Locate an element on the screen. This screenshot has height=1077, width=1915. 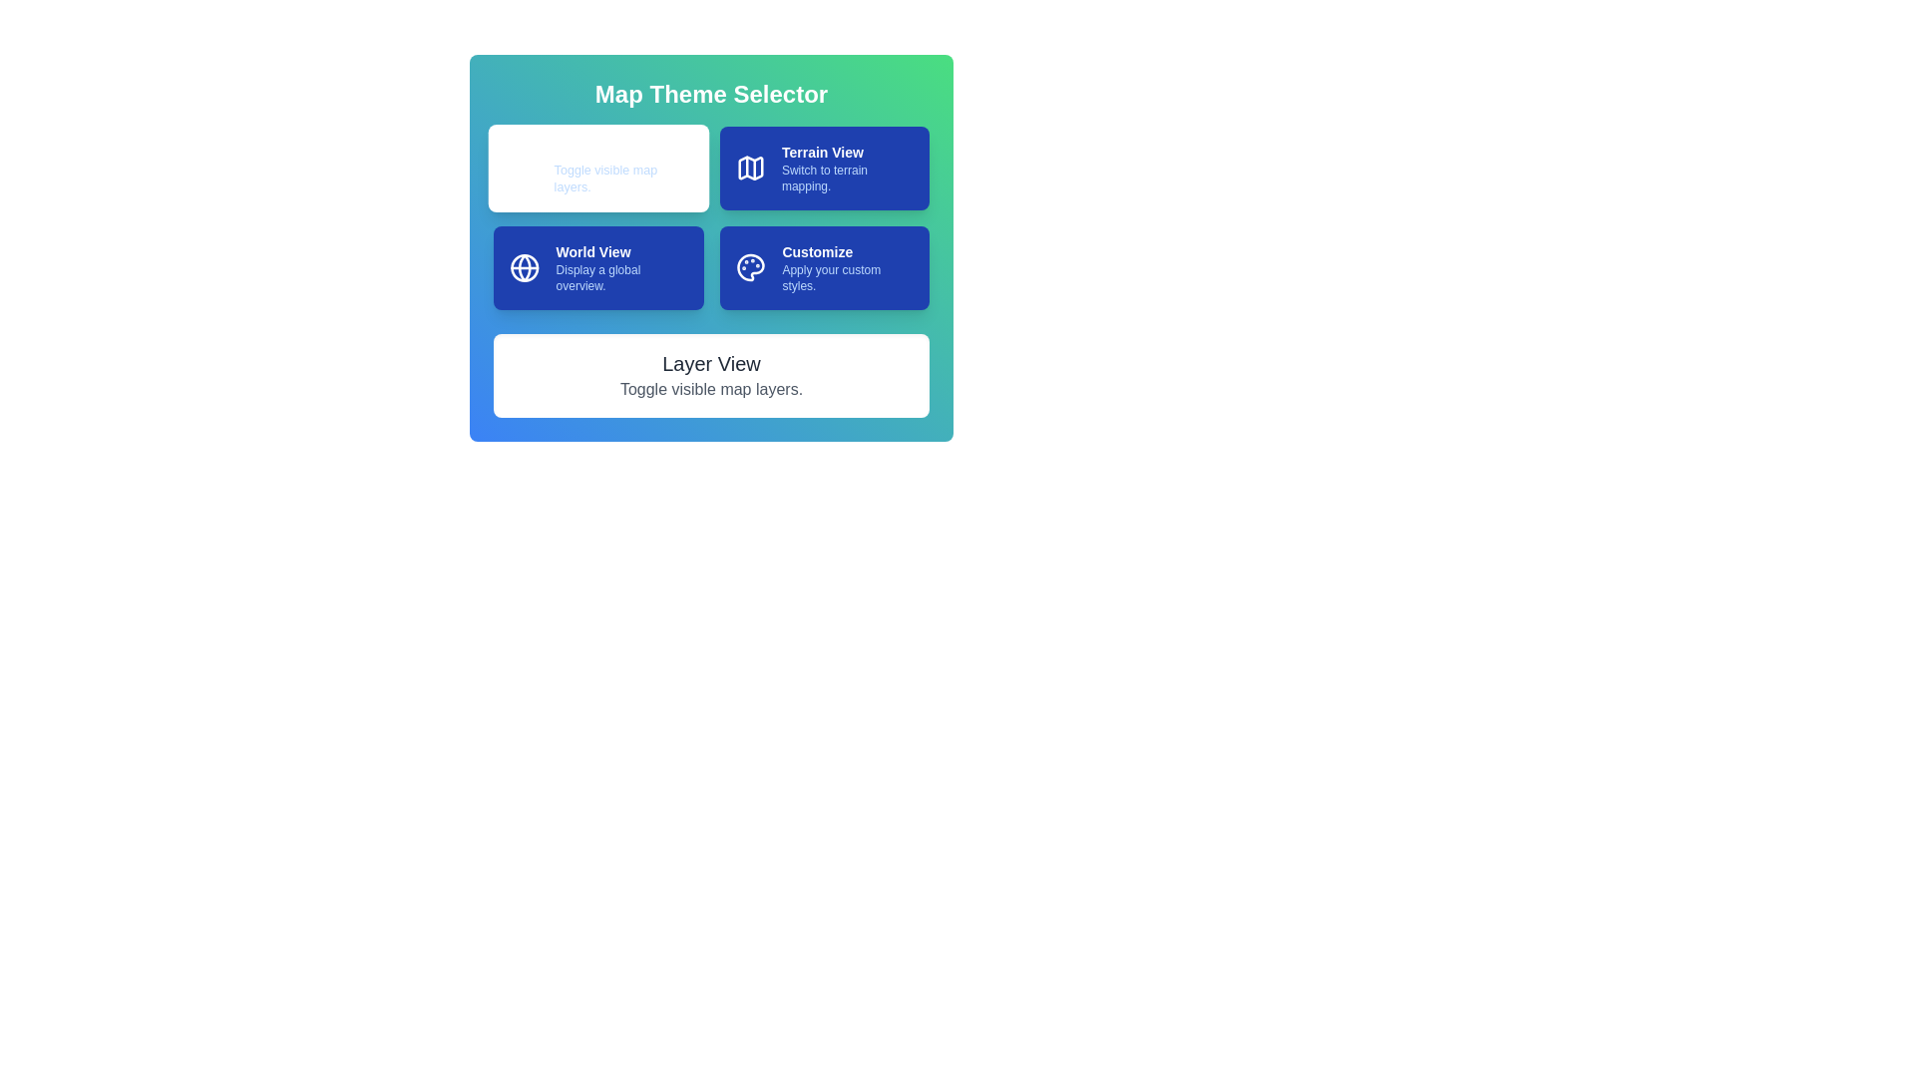
the informational text that reads 'Toggle visible map layers.' to read its content, located within the white rectangular box labeled 'Layer View.' is located at coordinates (621, 178).